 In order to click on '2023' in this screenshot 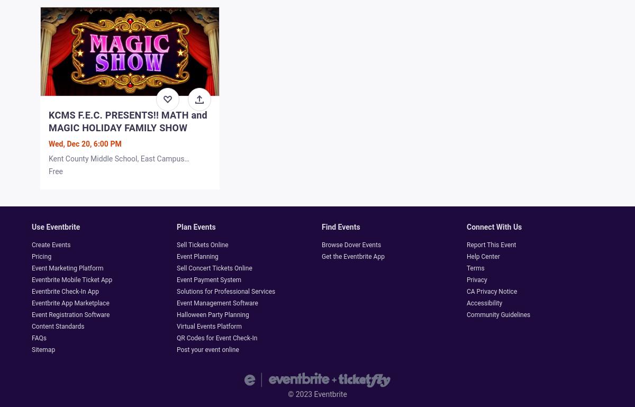, I will do `click(303, 394)`.